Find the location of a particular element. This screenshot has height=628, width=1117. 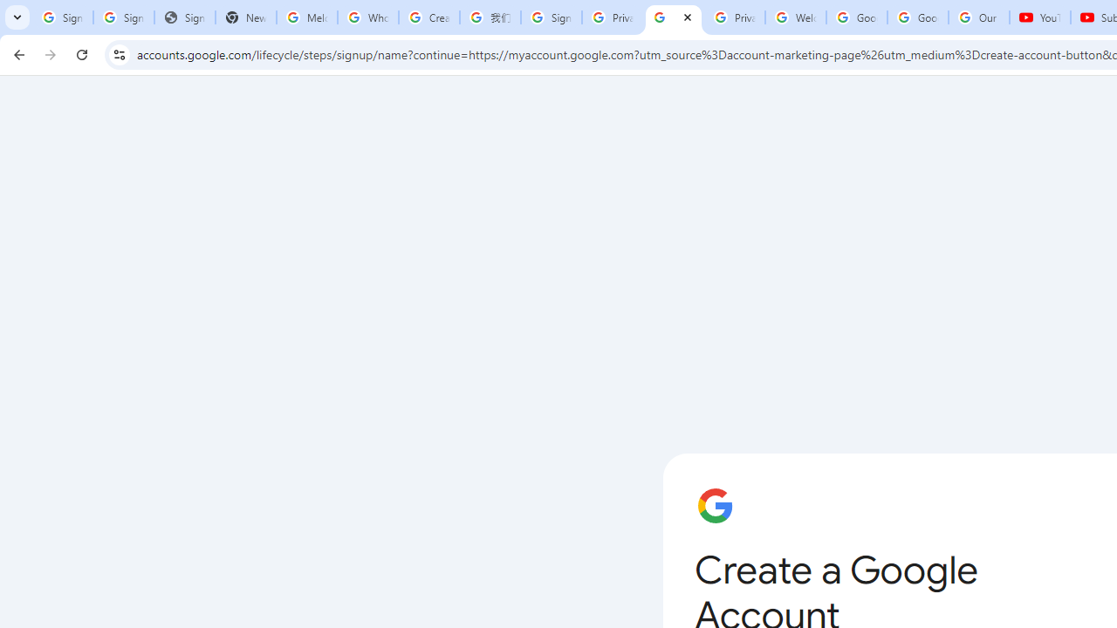

'Sign in - Google Accounts' is located at coordinates (63, 17).